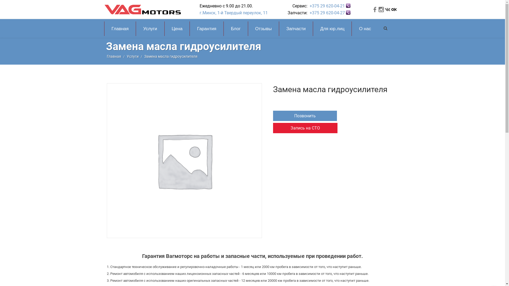 The width and height of the screenshot is (509, 286). What do you see at coordinates (309, 6) in the screenshot?
I see `'+375 29 620-04-21'` at bounding box center [309, 6].